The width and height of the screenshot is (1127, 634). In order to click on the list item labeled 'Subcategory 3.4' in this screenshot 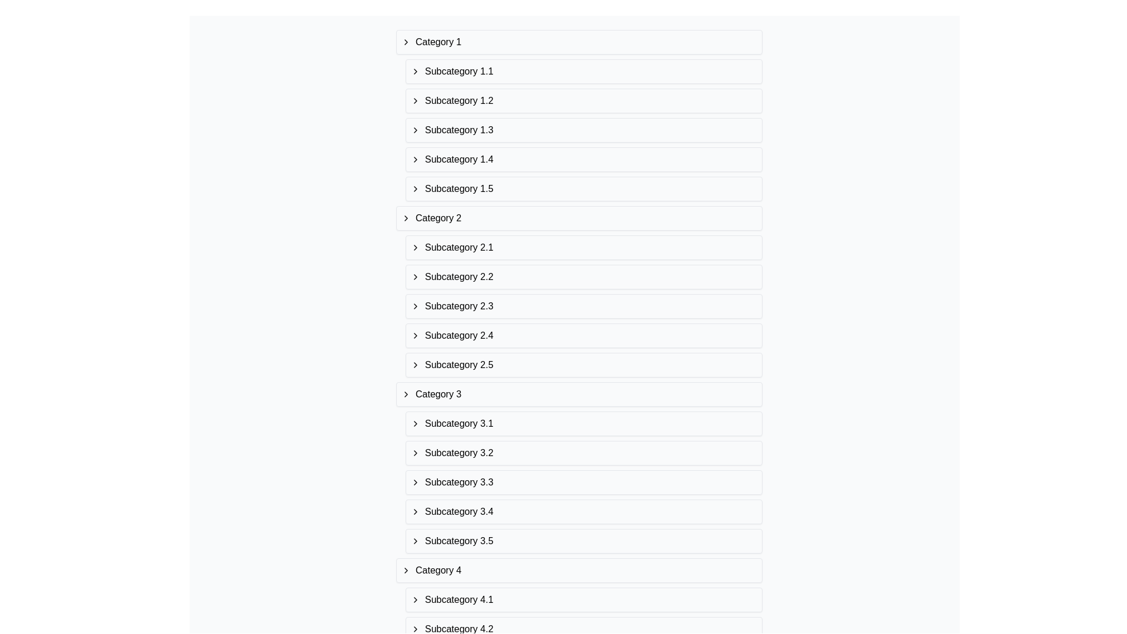, I will do `click(583, 511)`.